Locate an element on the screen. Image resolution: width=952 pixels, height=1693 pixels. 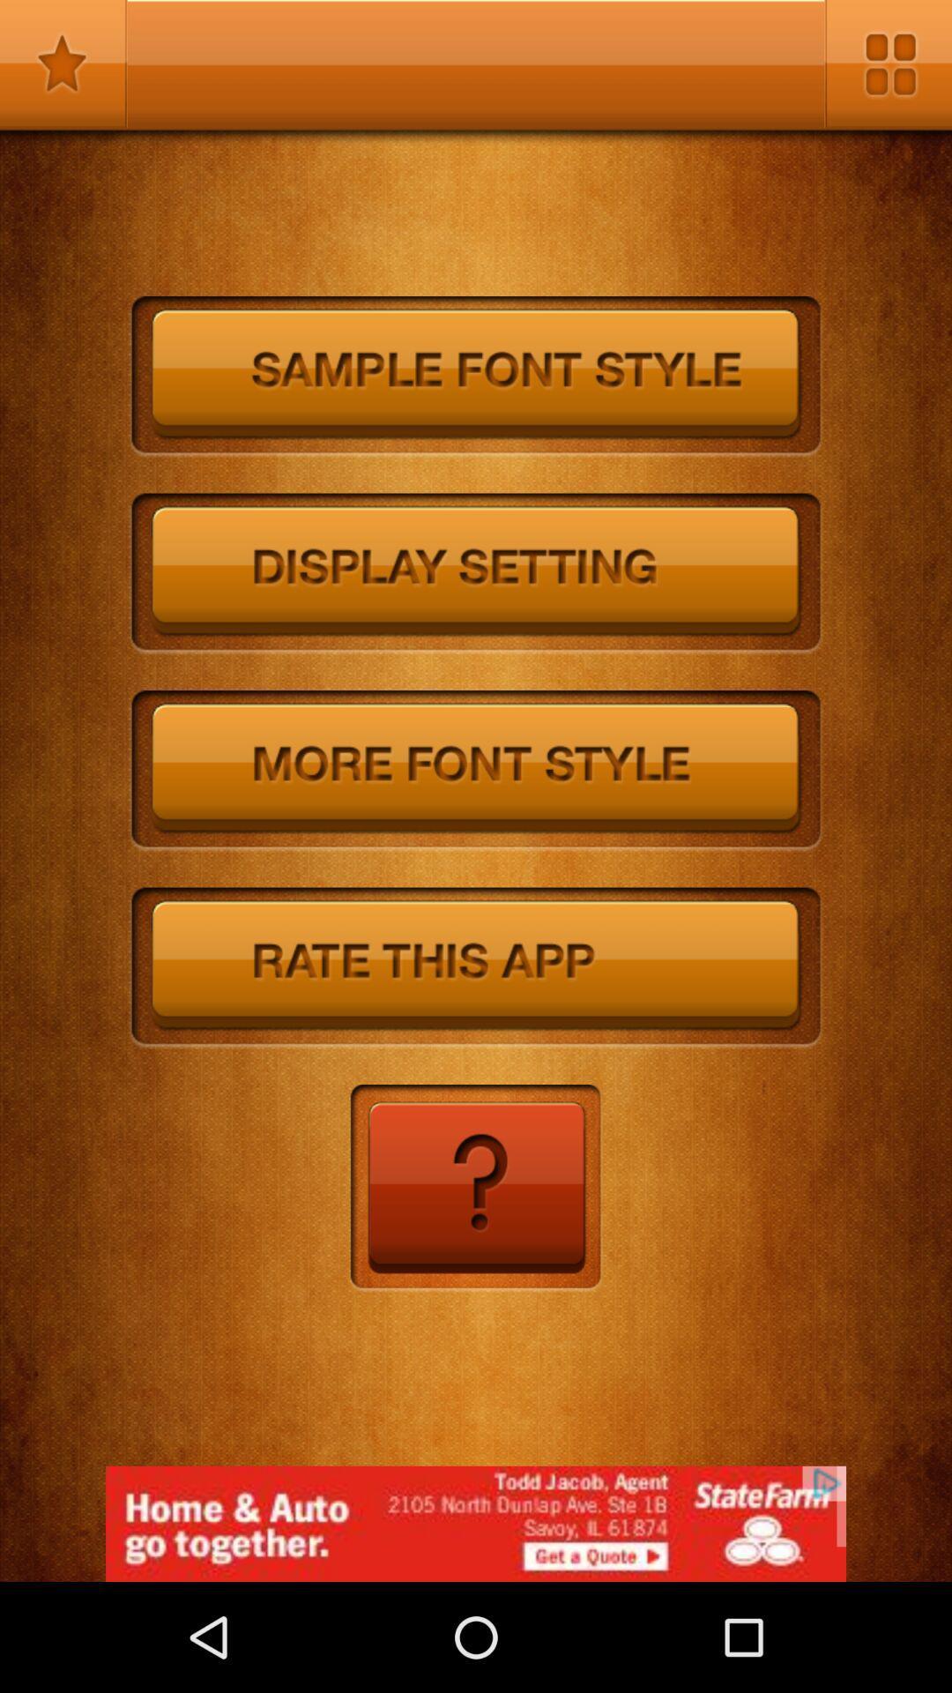
favorite is located at coordinates (63, 63).